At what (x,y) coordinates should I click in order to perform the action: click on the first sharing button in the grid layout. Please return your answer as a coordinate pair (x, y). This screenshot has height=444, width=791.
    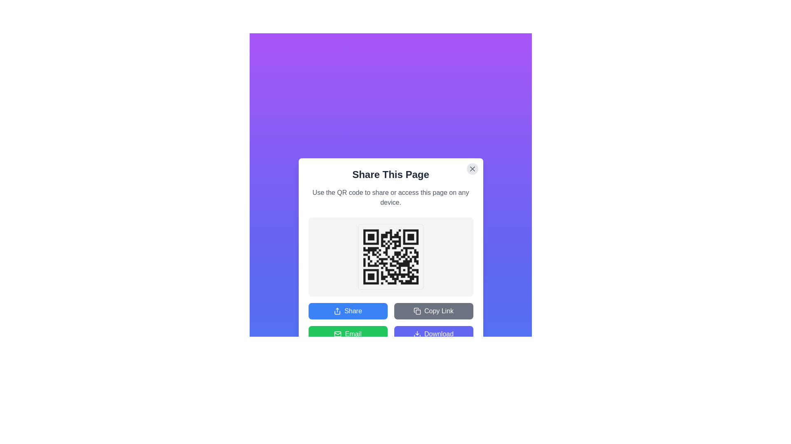
    Looking at the image, I should click on (348, 311).